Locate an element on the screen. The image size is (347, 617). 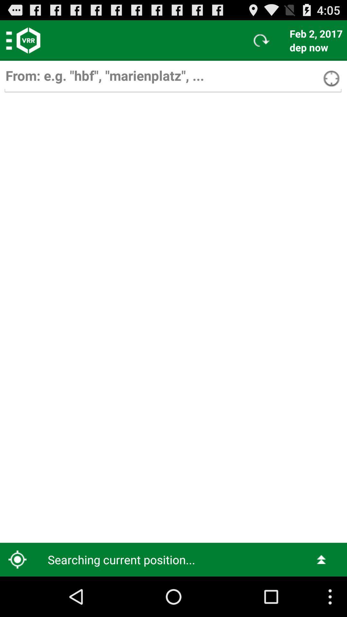
the sender option is located at coordinates (173, 78).